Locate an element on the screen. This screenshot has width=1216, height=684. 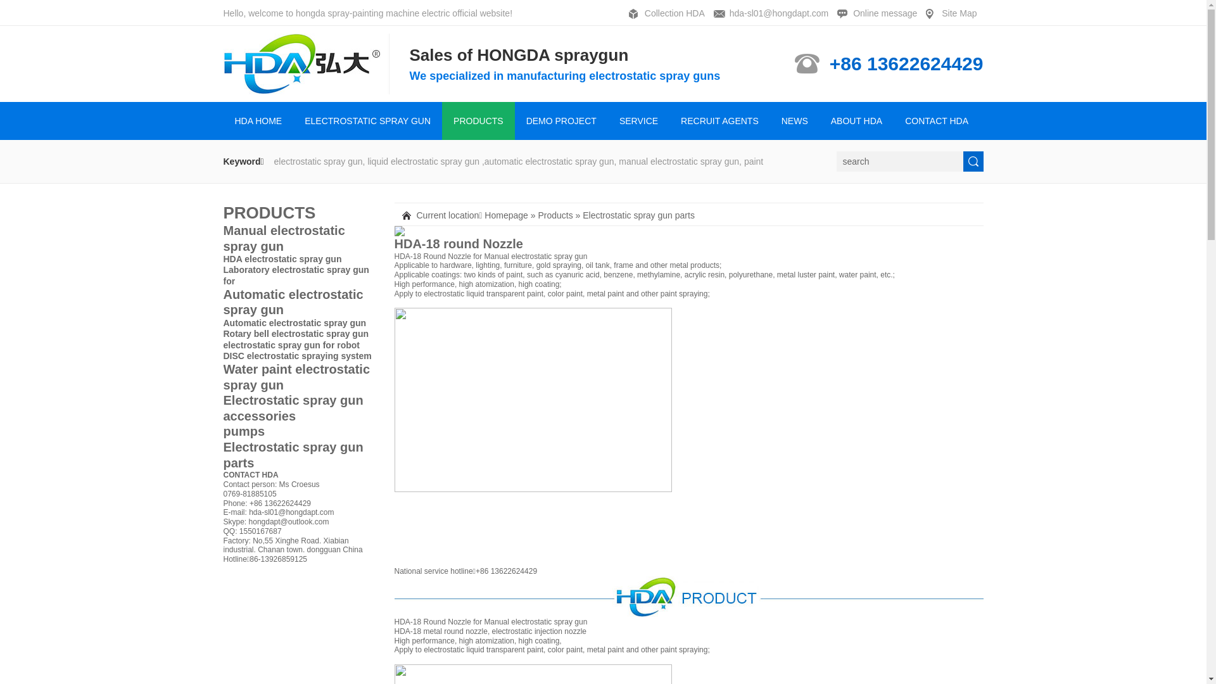
'HDA electrostatic spray gun' is located at coordinates (281, 258).